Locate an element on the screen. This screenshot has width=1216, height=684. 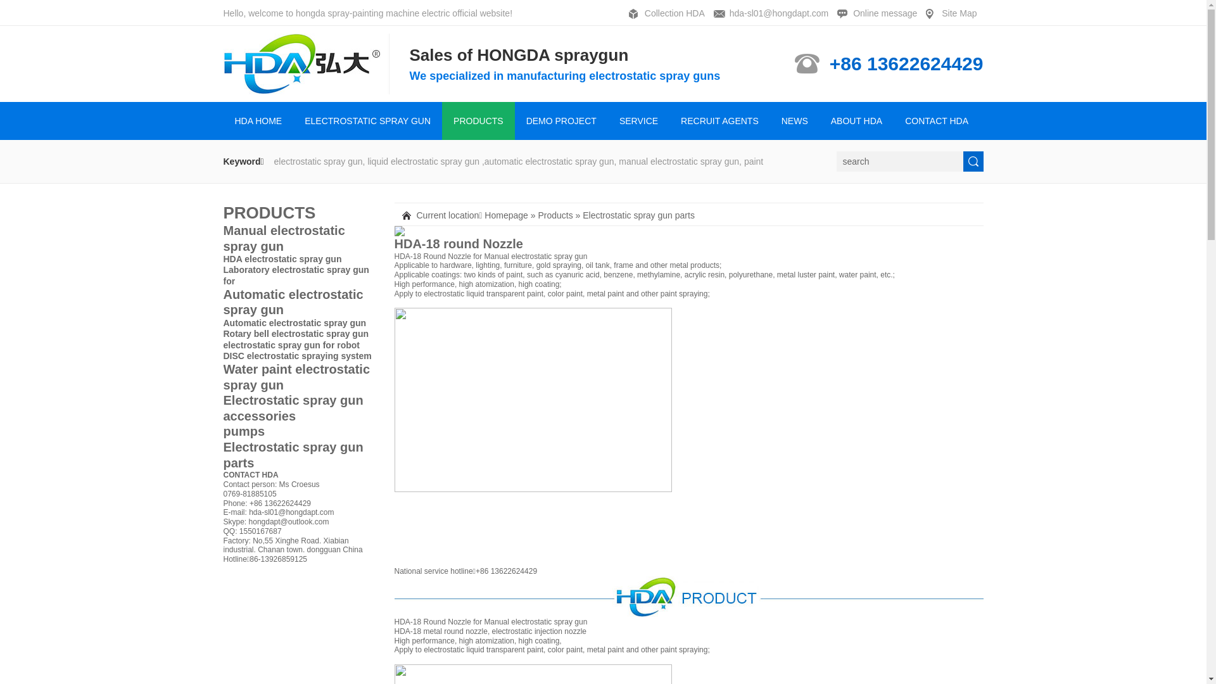
'HDA electrostatic spray gun' is located at coordinates (281, 258).